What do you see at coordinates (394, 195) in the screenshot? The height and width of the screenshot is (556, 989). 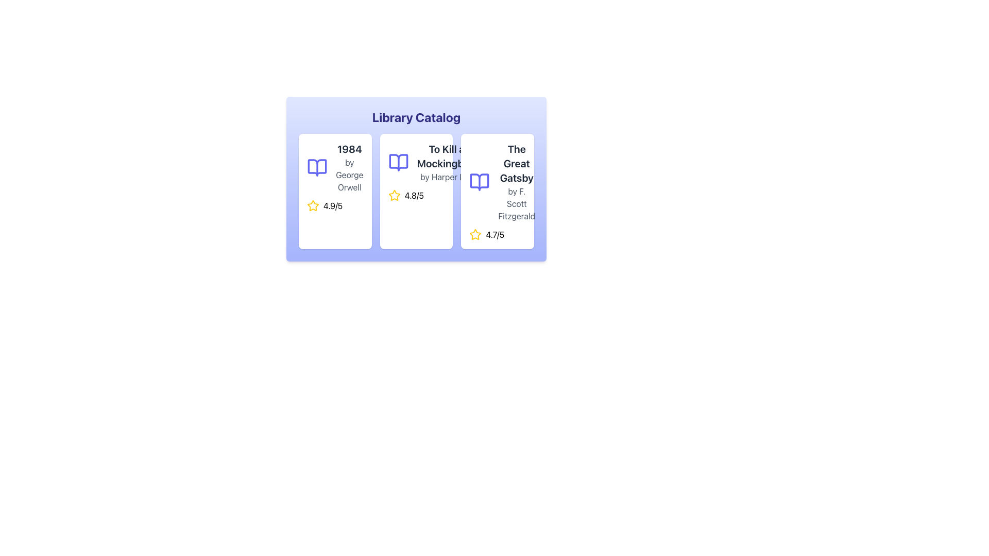 I see `the yellow star icon located under the title 'To Kill a Mockingbird by Harper Lee' in the Library Catalog section` at bounding box center [394, 195].